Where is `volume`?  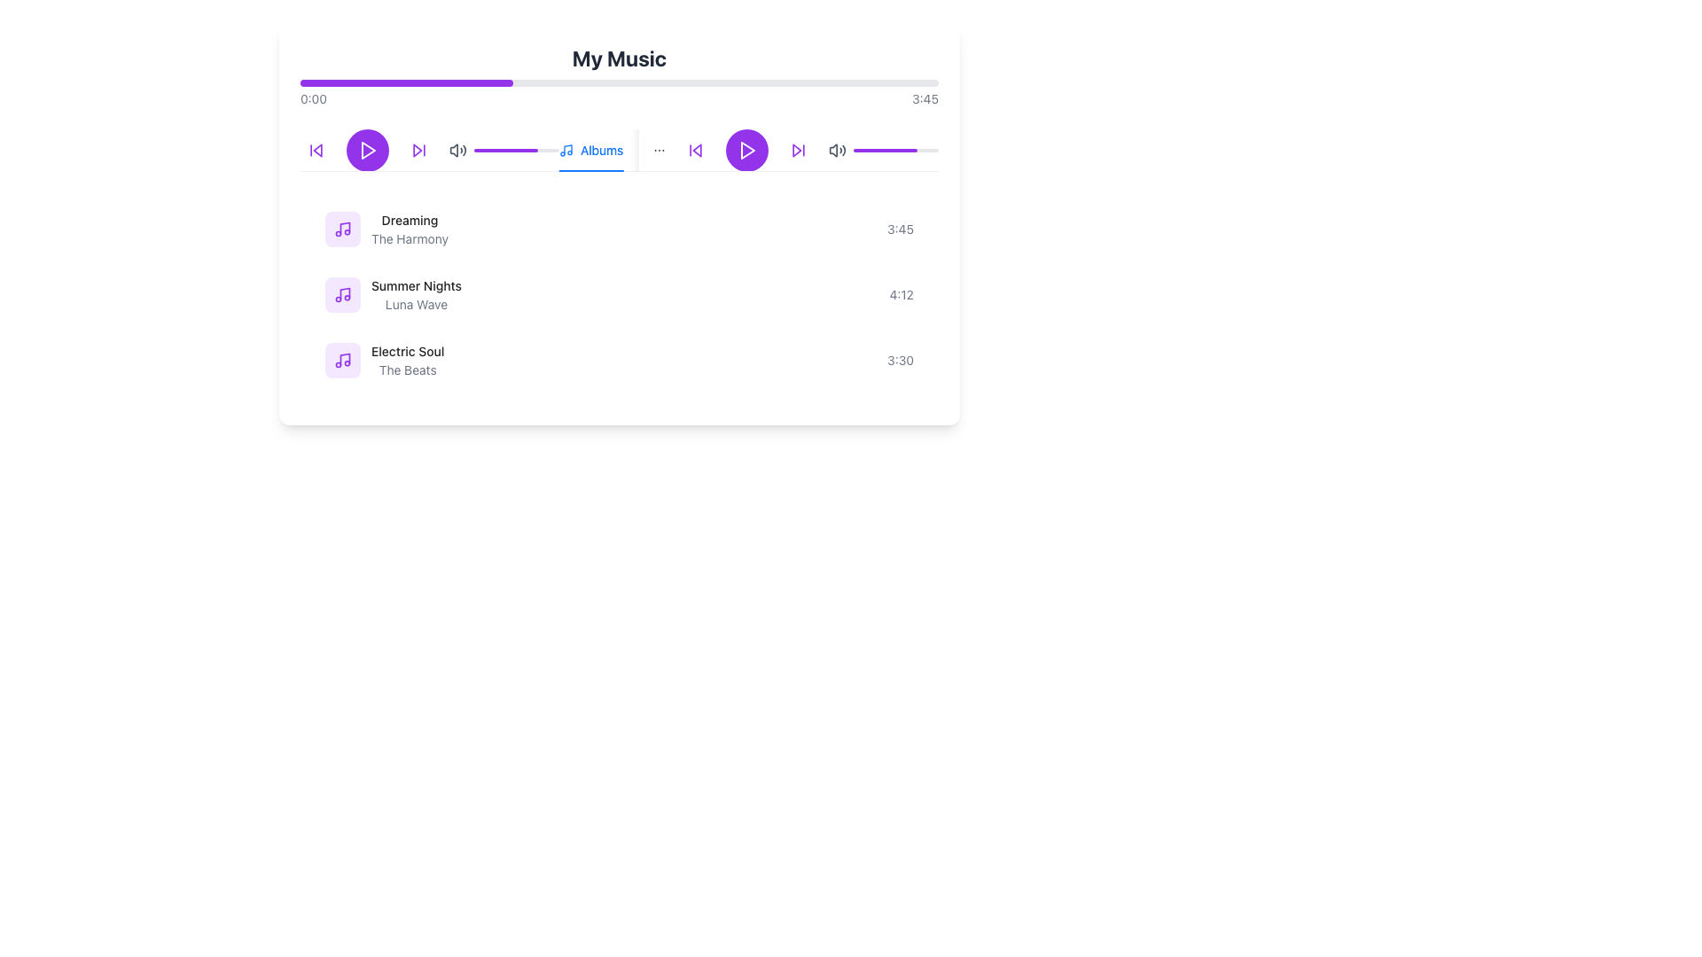
volume is located at coordinates (923, 149).